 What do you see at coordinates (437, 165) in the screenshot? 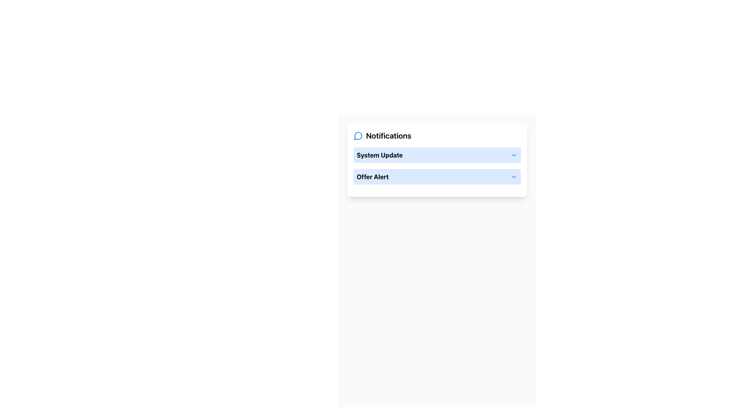
I see `the 'System Update' row in the collapsible list` at bounding box center [437, 165].